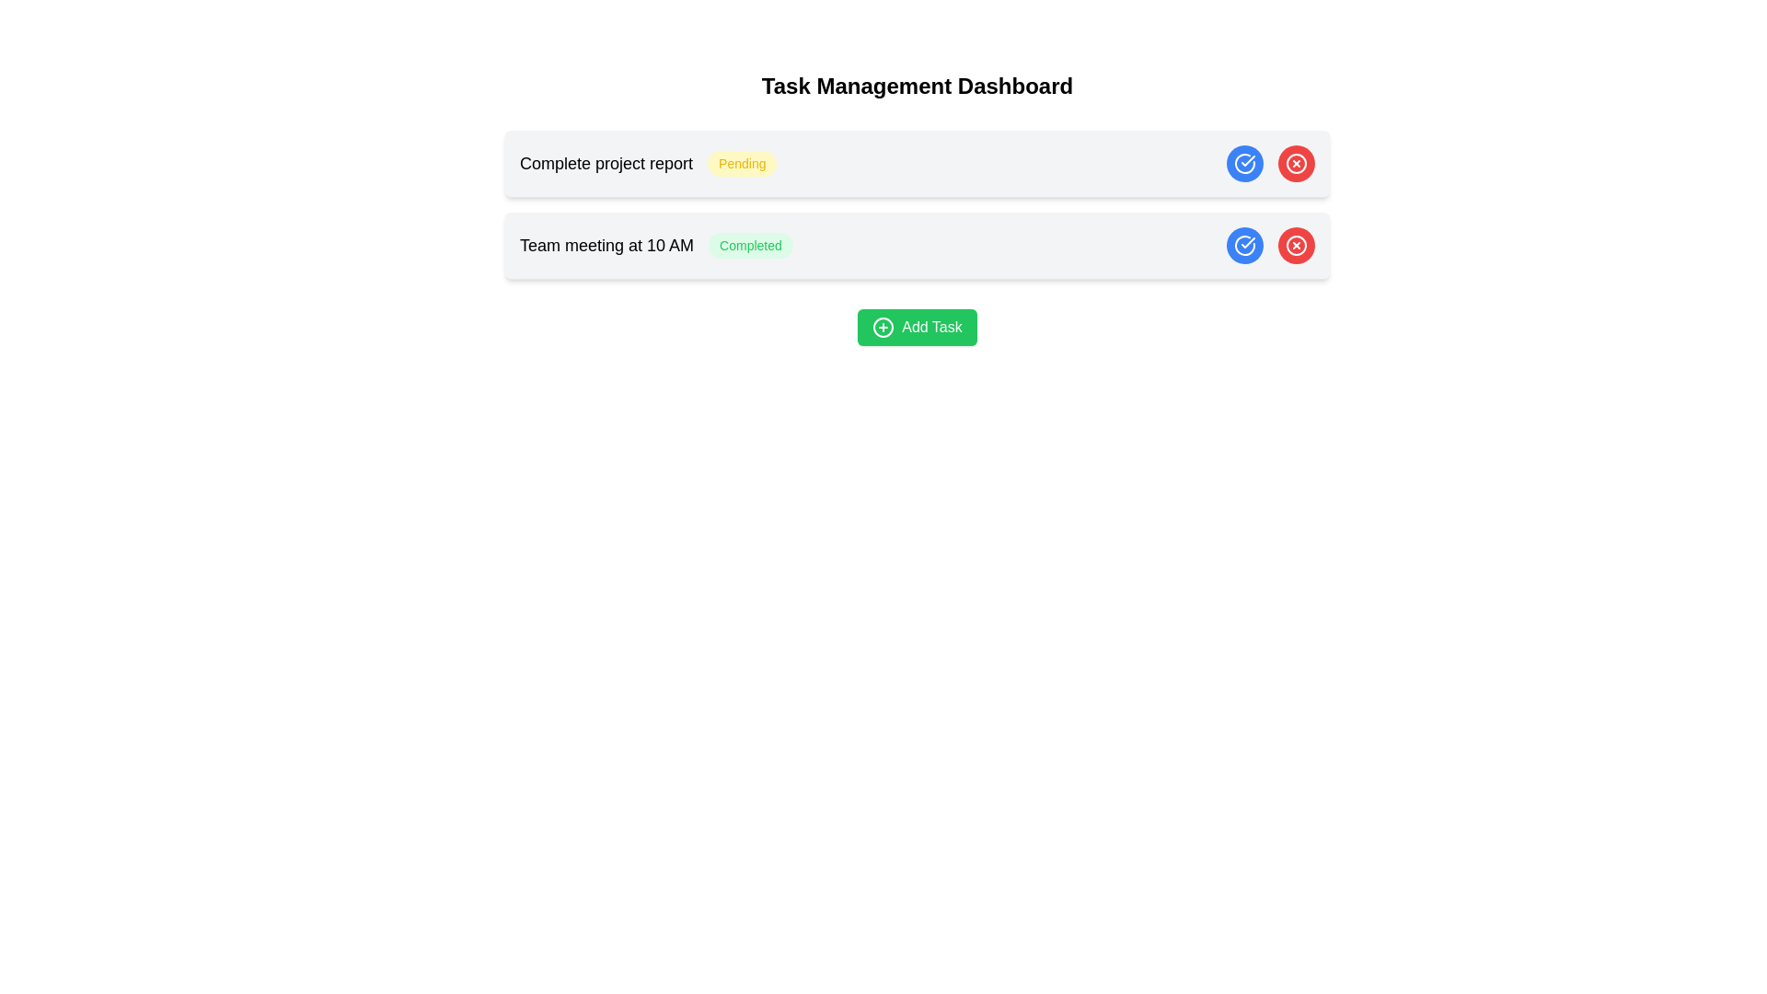  I want to click on the circular icon with a cross and plus sign inside, which is part of the 'Add Task' button located below the task list, so click(883, 326).